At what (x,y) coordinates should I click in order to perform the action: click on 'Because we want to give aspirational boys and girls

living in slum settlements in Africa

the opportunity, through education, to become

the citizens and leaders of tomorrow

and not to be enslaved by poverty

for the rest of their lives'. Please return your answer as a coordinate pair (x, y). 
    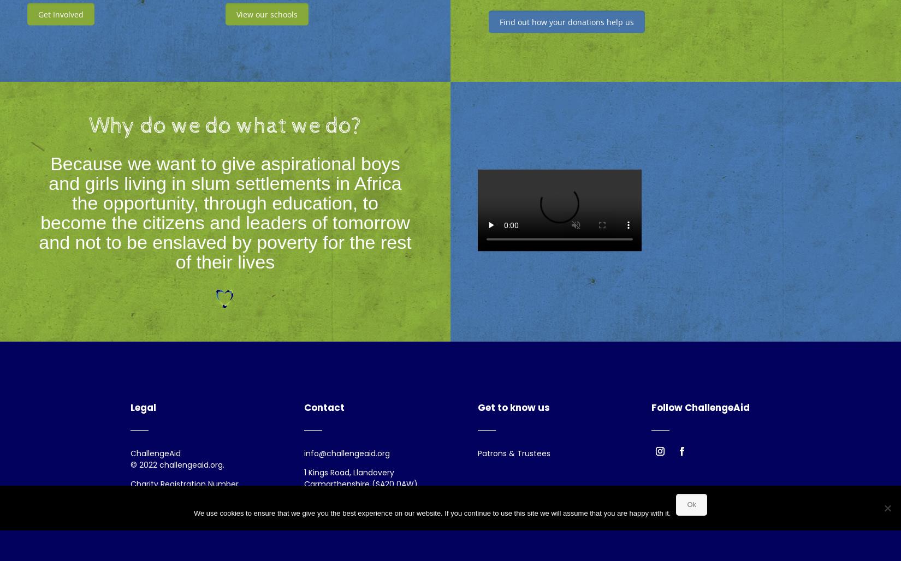
    Looking at the image, I should click on (225, 213).